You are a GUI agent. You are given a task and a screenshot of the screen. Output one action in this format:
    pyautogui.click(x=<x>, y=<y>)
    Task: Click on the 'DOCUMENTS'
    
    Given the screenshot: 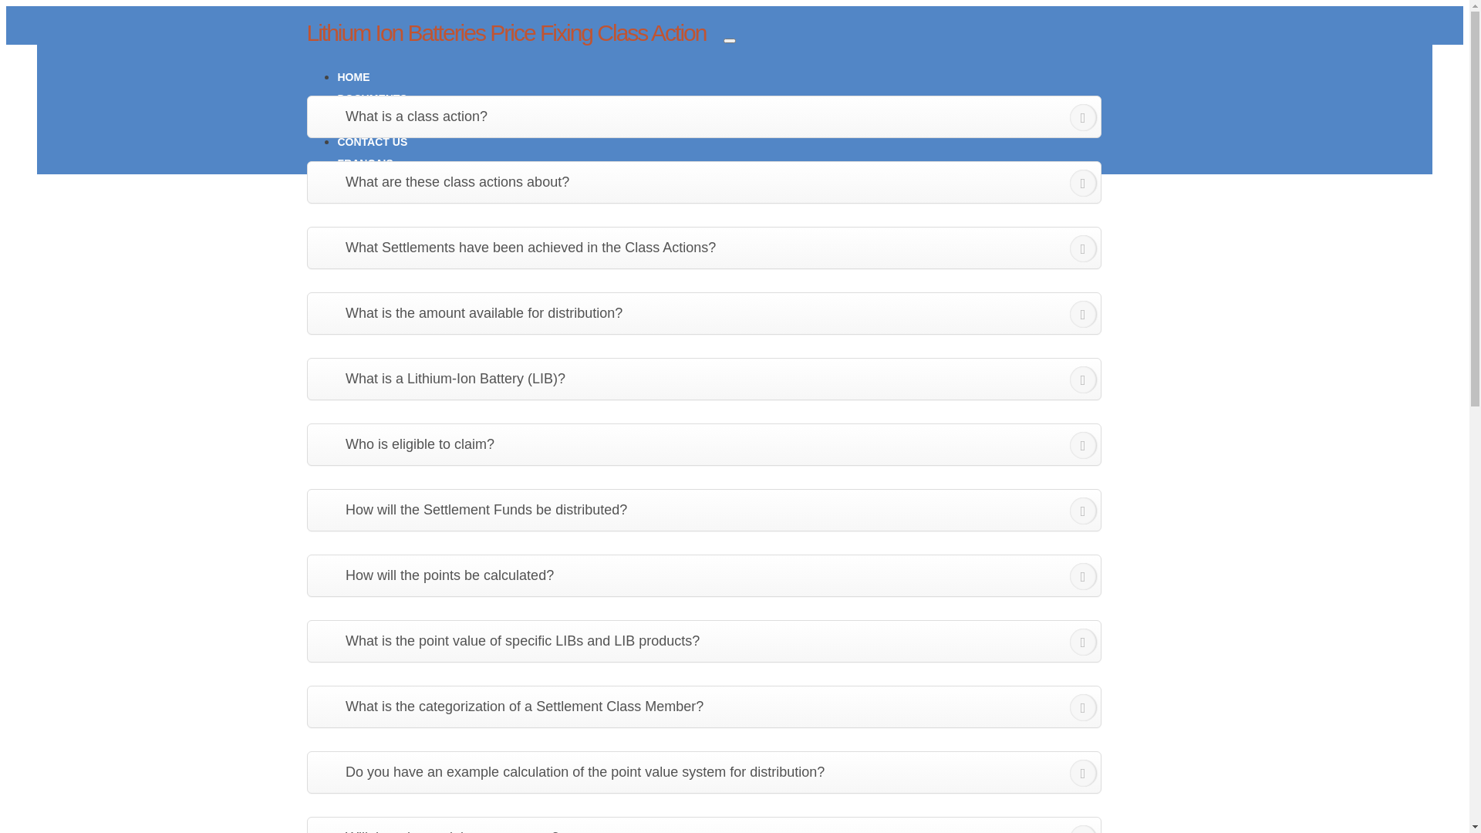 What is the action you would take?
    pyautogui.click(x=373, y=98)
    